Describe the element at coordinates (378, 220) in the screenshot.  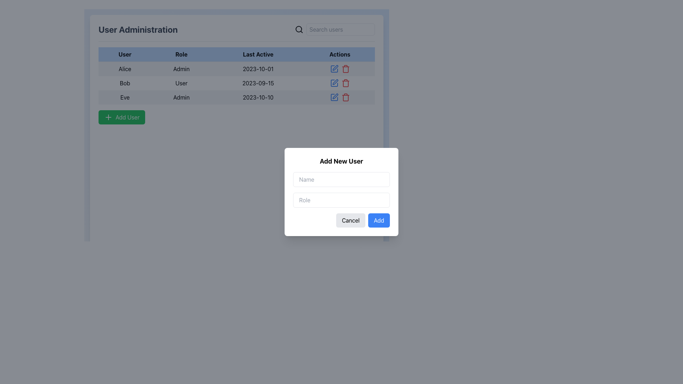
I see `the 'Add' button, which is a rectangular button with rounded edges, blue background, and white text, located at the bottom-right corner of the modal dialog box` at that location.